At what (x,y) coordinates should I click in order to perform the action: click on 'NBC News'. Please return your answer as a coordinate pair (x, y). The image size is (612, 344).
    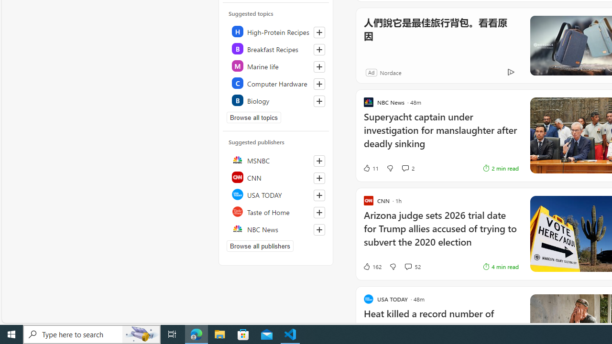
    Looking at the image, I should click on (276, 229).